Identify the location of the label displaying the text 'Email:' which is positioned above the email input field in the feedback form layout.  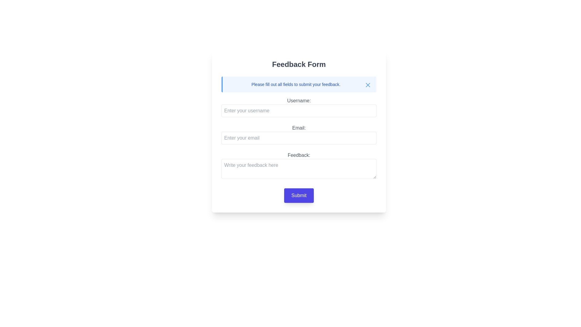
(299, 131).